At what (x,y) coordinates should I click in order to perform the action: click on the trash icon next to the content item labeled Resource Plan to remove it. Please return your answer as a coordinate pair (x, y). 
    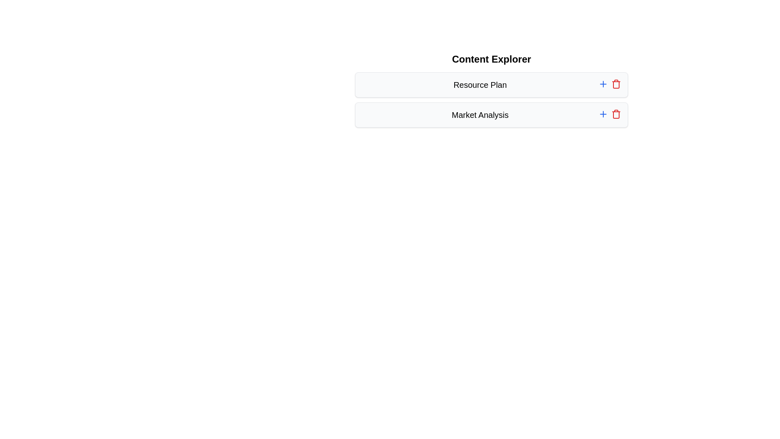
    Looking at the image, I should click on (616, 84).